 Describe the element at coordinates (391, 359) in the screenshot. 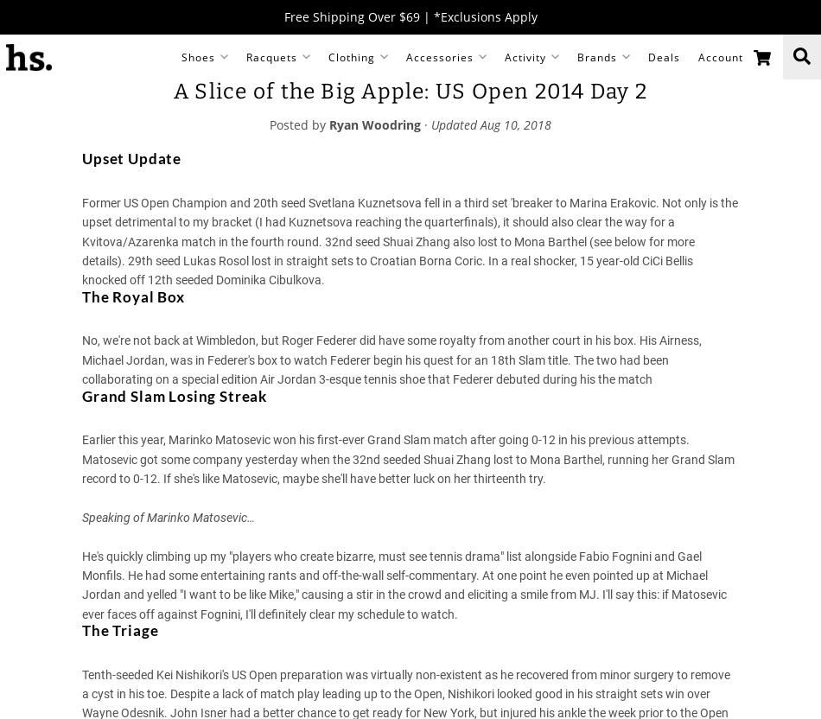

I see `'No, we're not back at Wimbledon, but Roger Federer did have some royalty from another court in his box. His Airness, Michael Jordan, was in Federer's box to watch Federer begin his quest for an 18th Slam title. The two had been collaborating on a special edition Air Jordan 3-esque tennis shoe that Federer debuted during his the match'` at that location.